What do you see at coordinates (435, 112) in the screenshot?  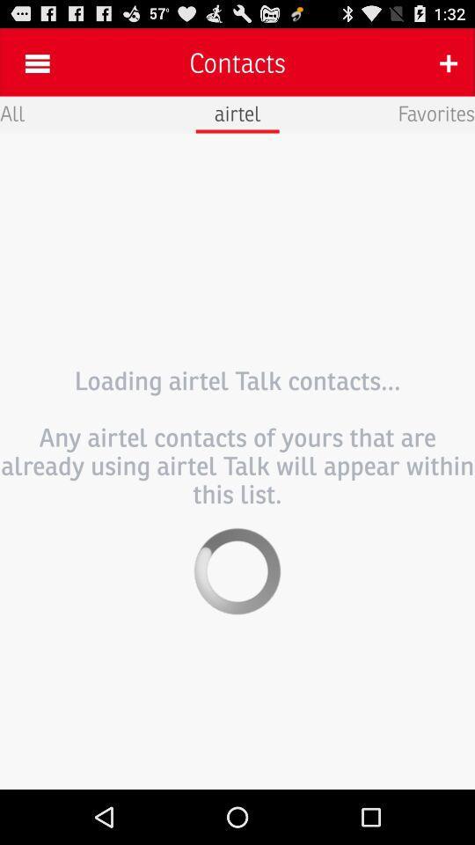 I see `app to the right of airtel icon` at bounding box center [435, 112].